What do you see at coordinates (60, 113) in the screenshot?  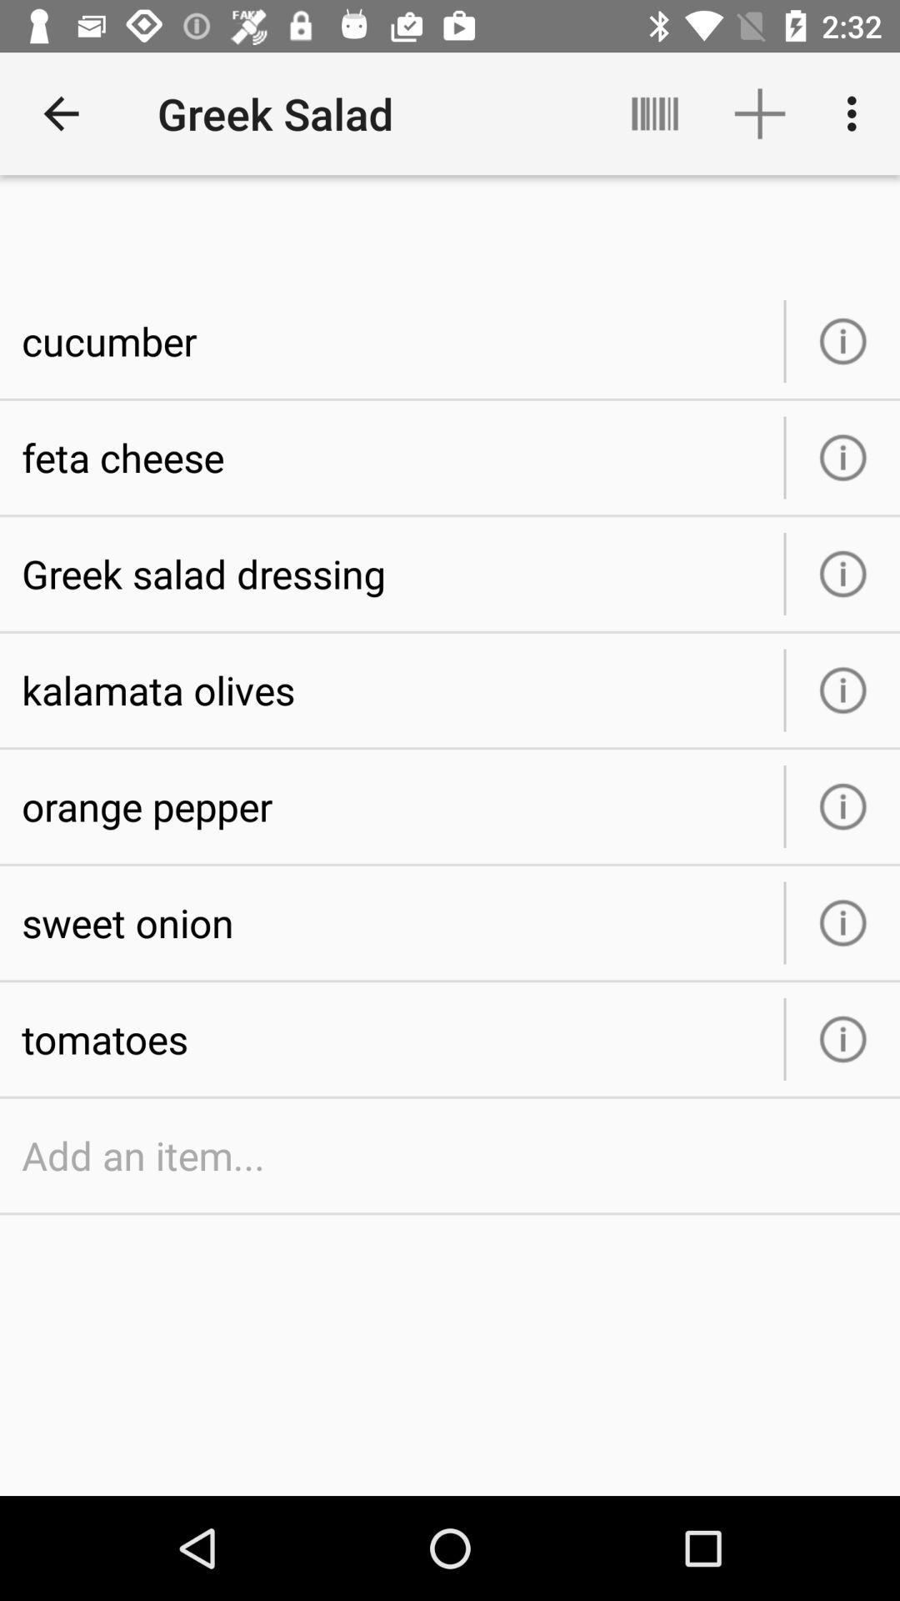 I see `the icon above cucumber icon` at bounding box center [60, 113].